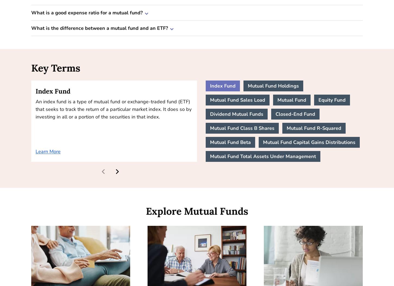 Image resolution: width=394 pixels, height=286 pixels. Describe the element at coordinates (210, 128) in the screenshot. I see `'Mutual Fund Class B Shares'` at that location.